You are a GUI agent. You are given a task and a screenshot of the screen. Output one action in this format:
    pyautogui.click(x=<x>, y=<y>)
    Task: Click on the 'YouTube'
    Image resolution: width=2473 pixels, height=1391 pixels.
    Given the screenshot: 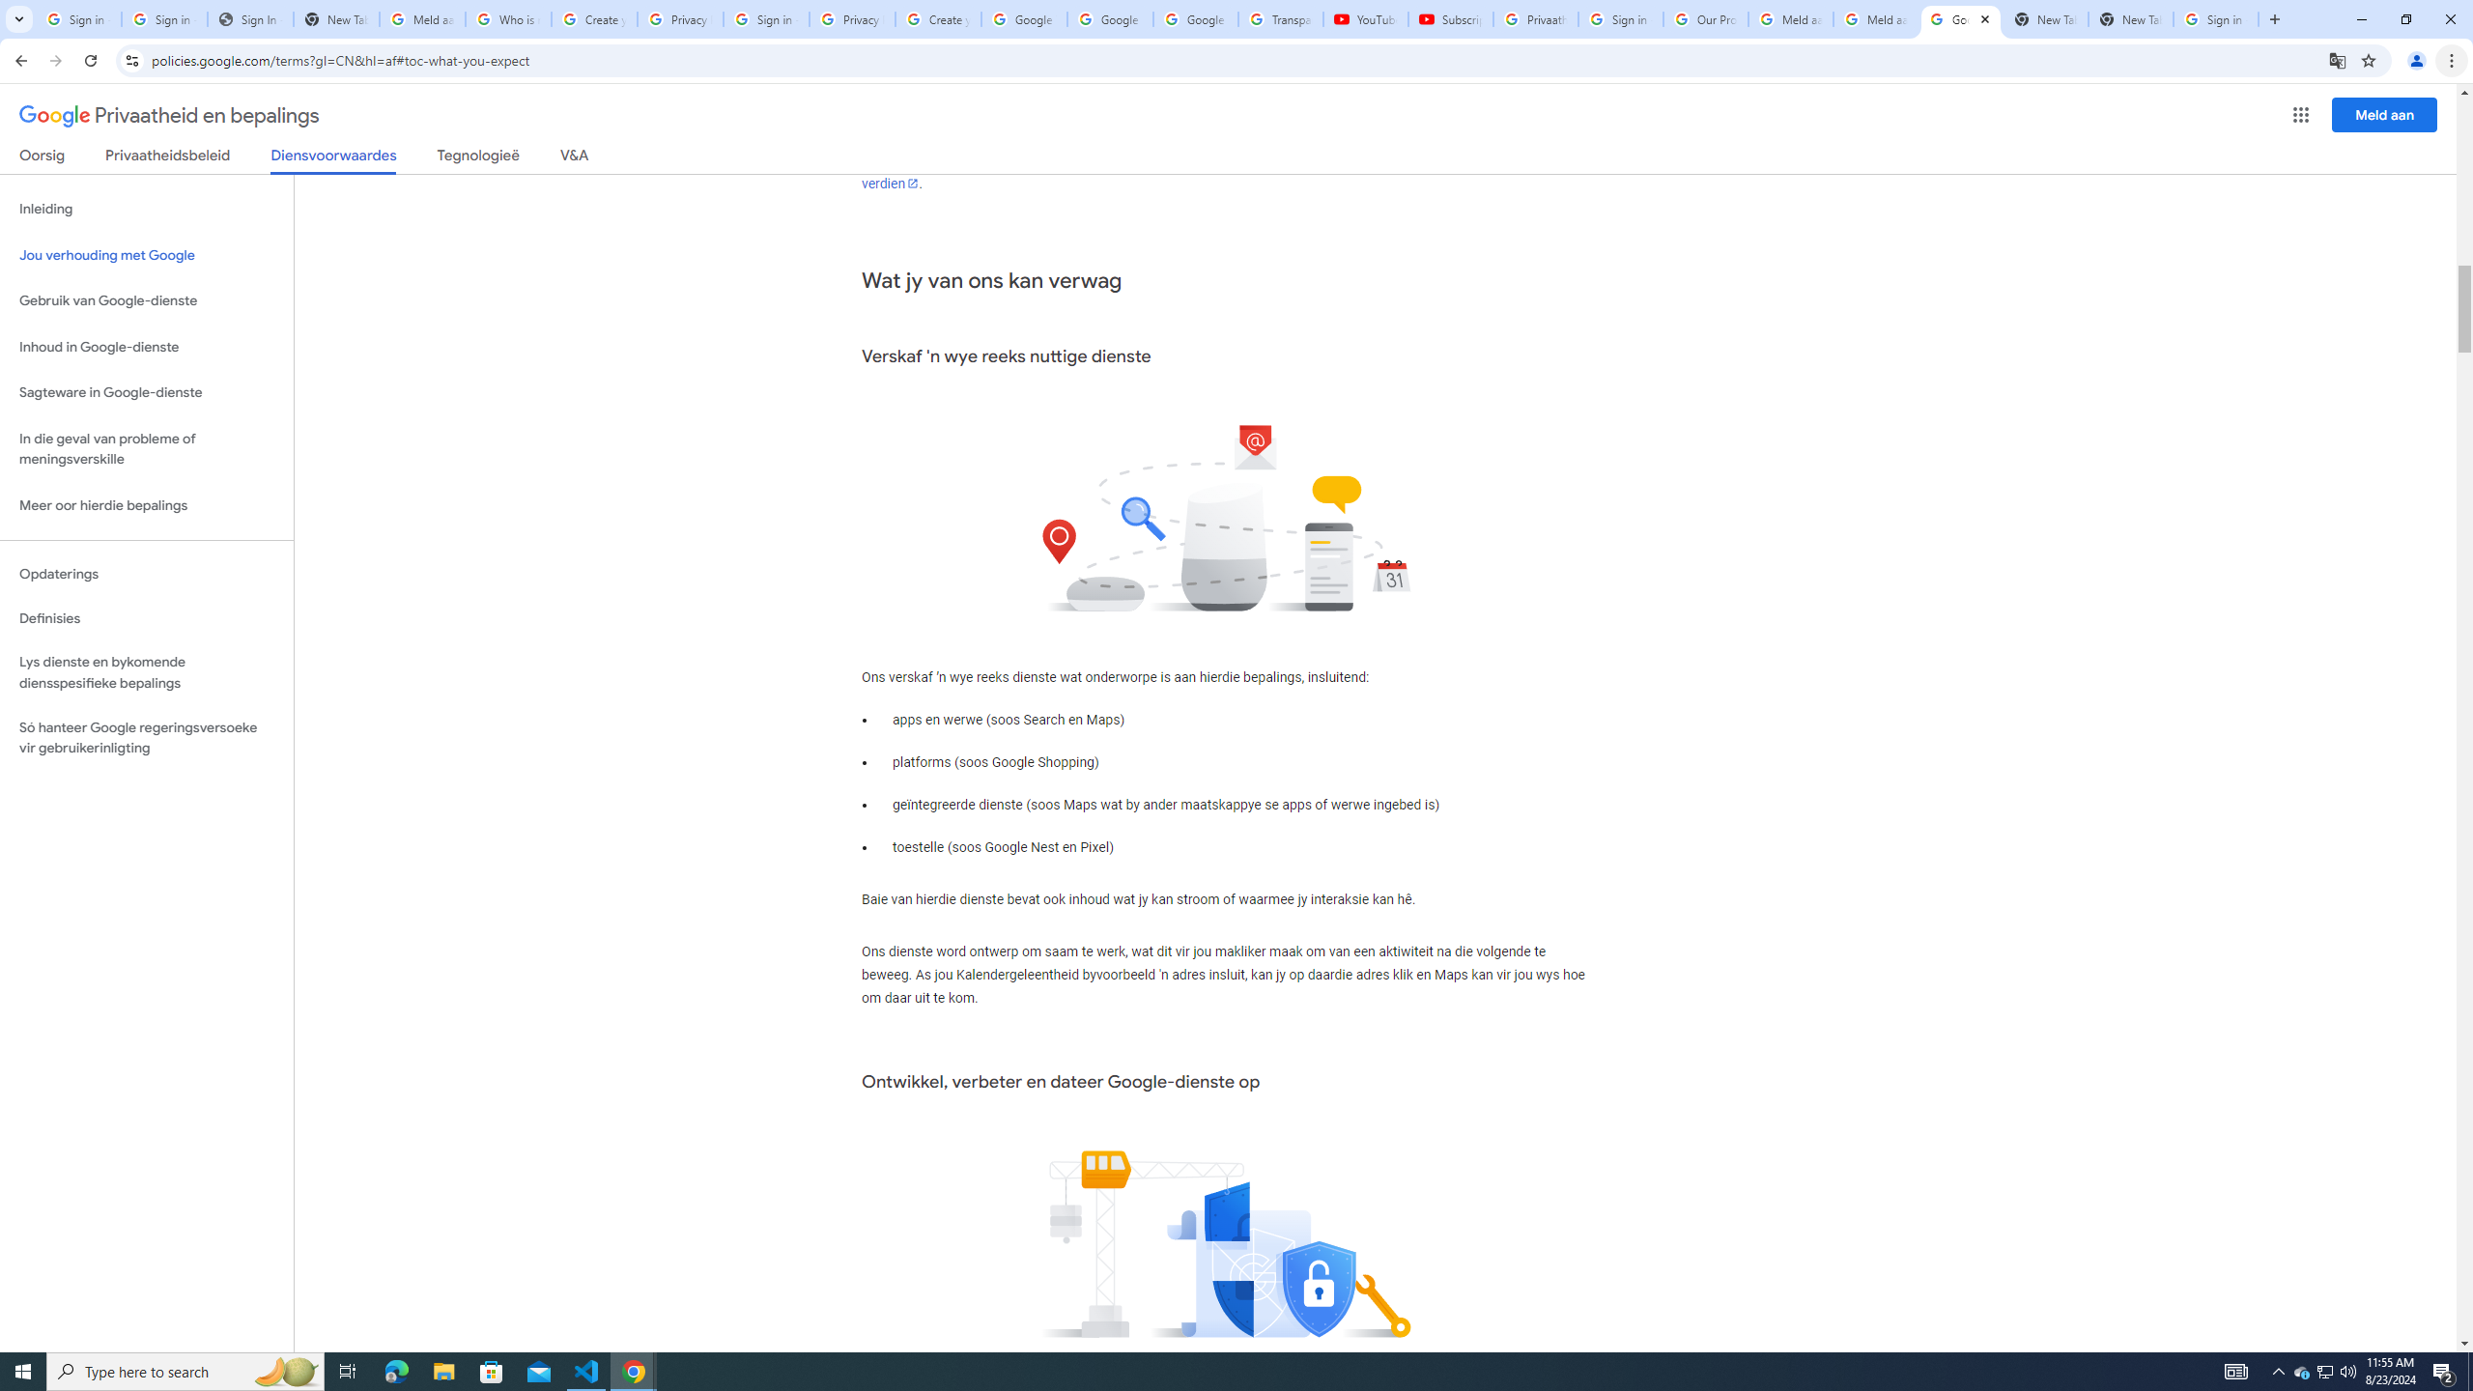 What is the action you would take?
    pyautogui.click(x=1366, y=18)
    